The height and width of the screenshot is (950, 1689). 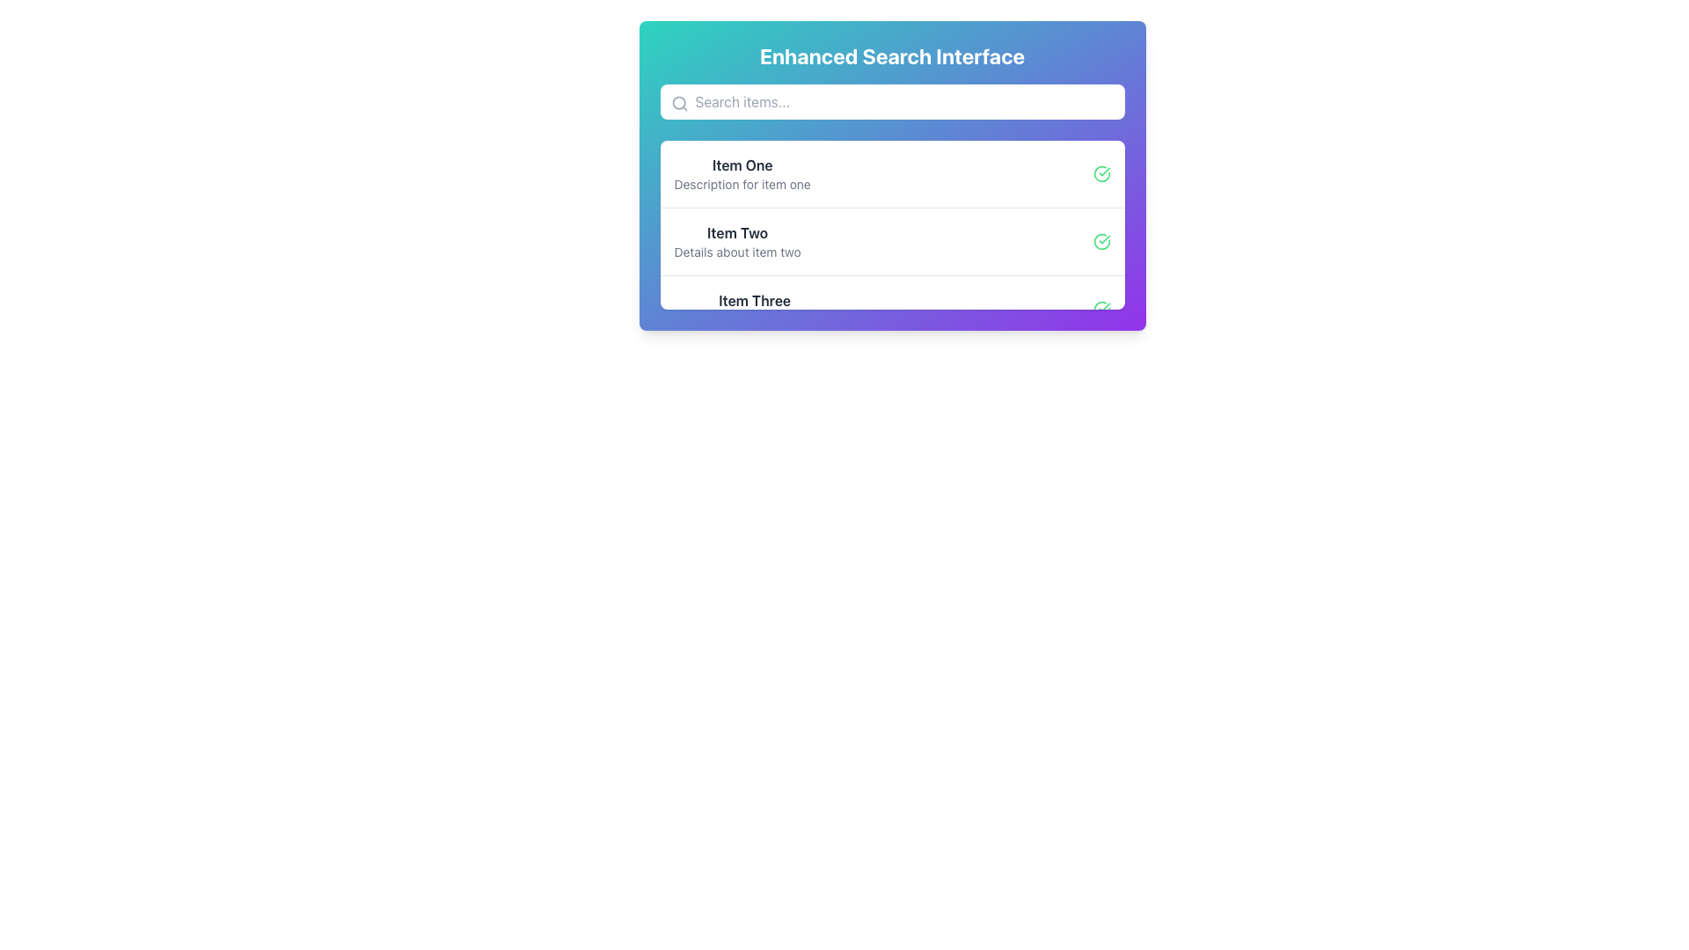 I want to click on the Text Label located in the third row of a list within a card layout, which serves as a title for the associated entry, so click(x=755, y=300).